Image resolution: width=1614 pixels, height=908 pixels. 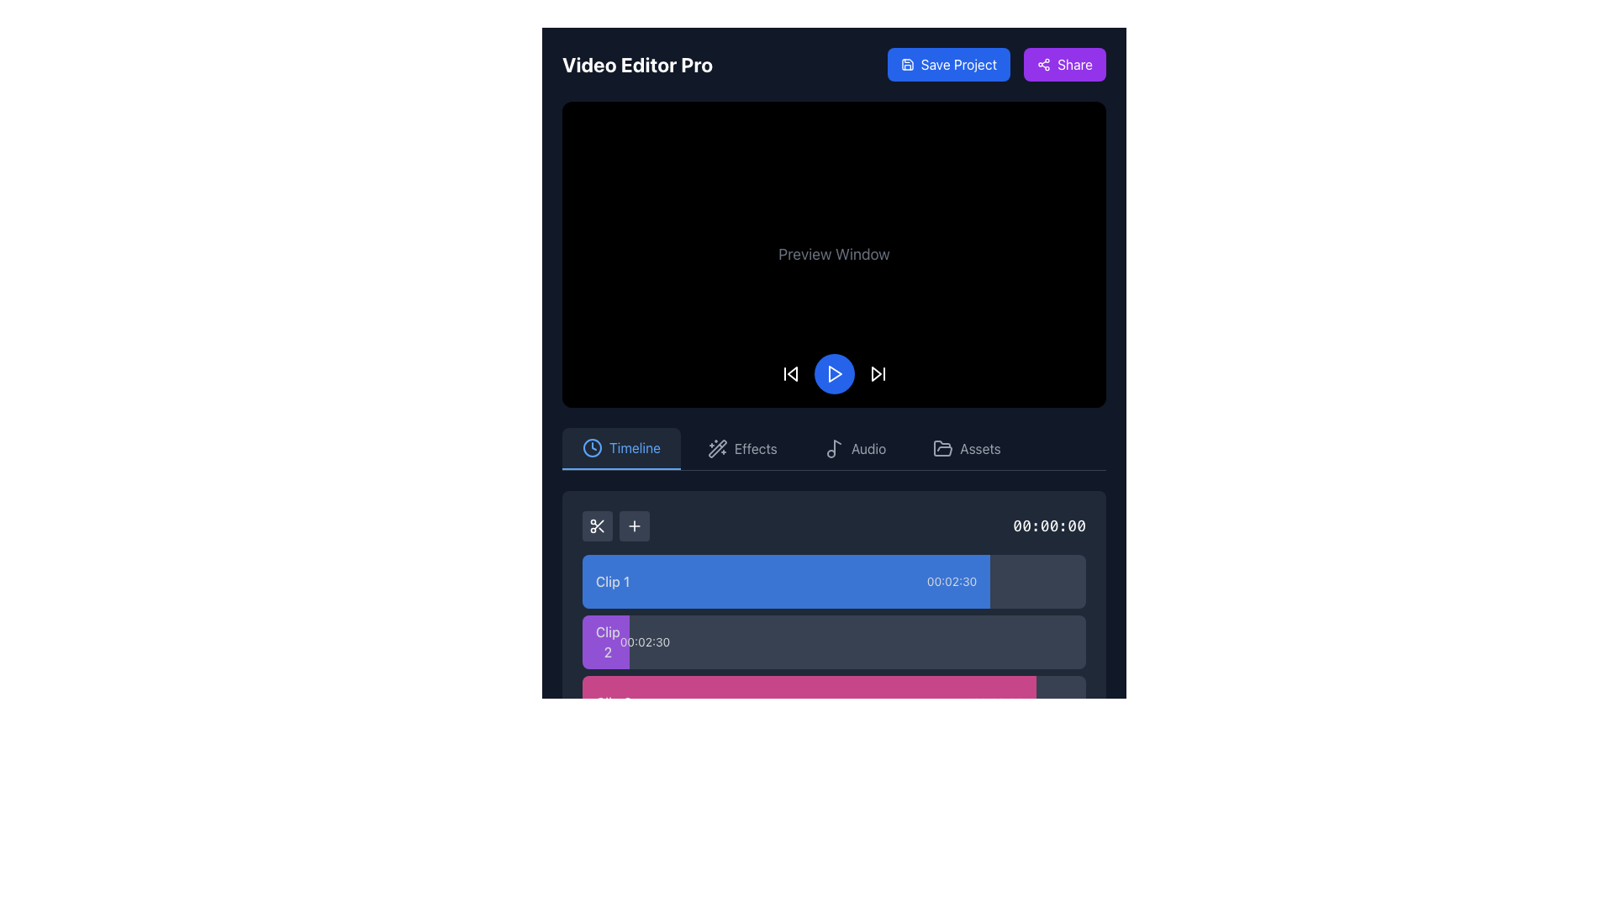 What do you see at coordinates (834, 372) in the screenshot?
I see `the Play button, which is a circular button located below the preview window area and positioned between the back and forward buttons` at bounding box center [834, 372].